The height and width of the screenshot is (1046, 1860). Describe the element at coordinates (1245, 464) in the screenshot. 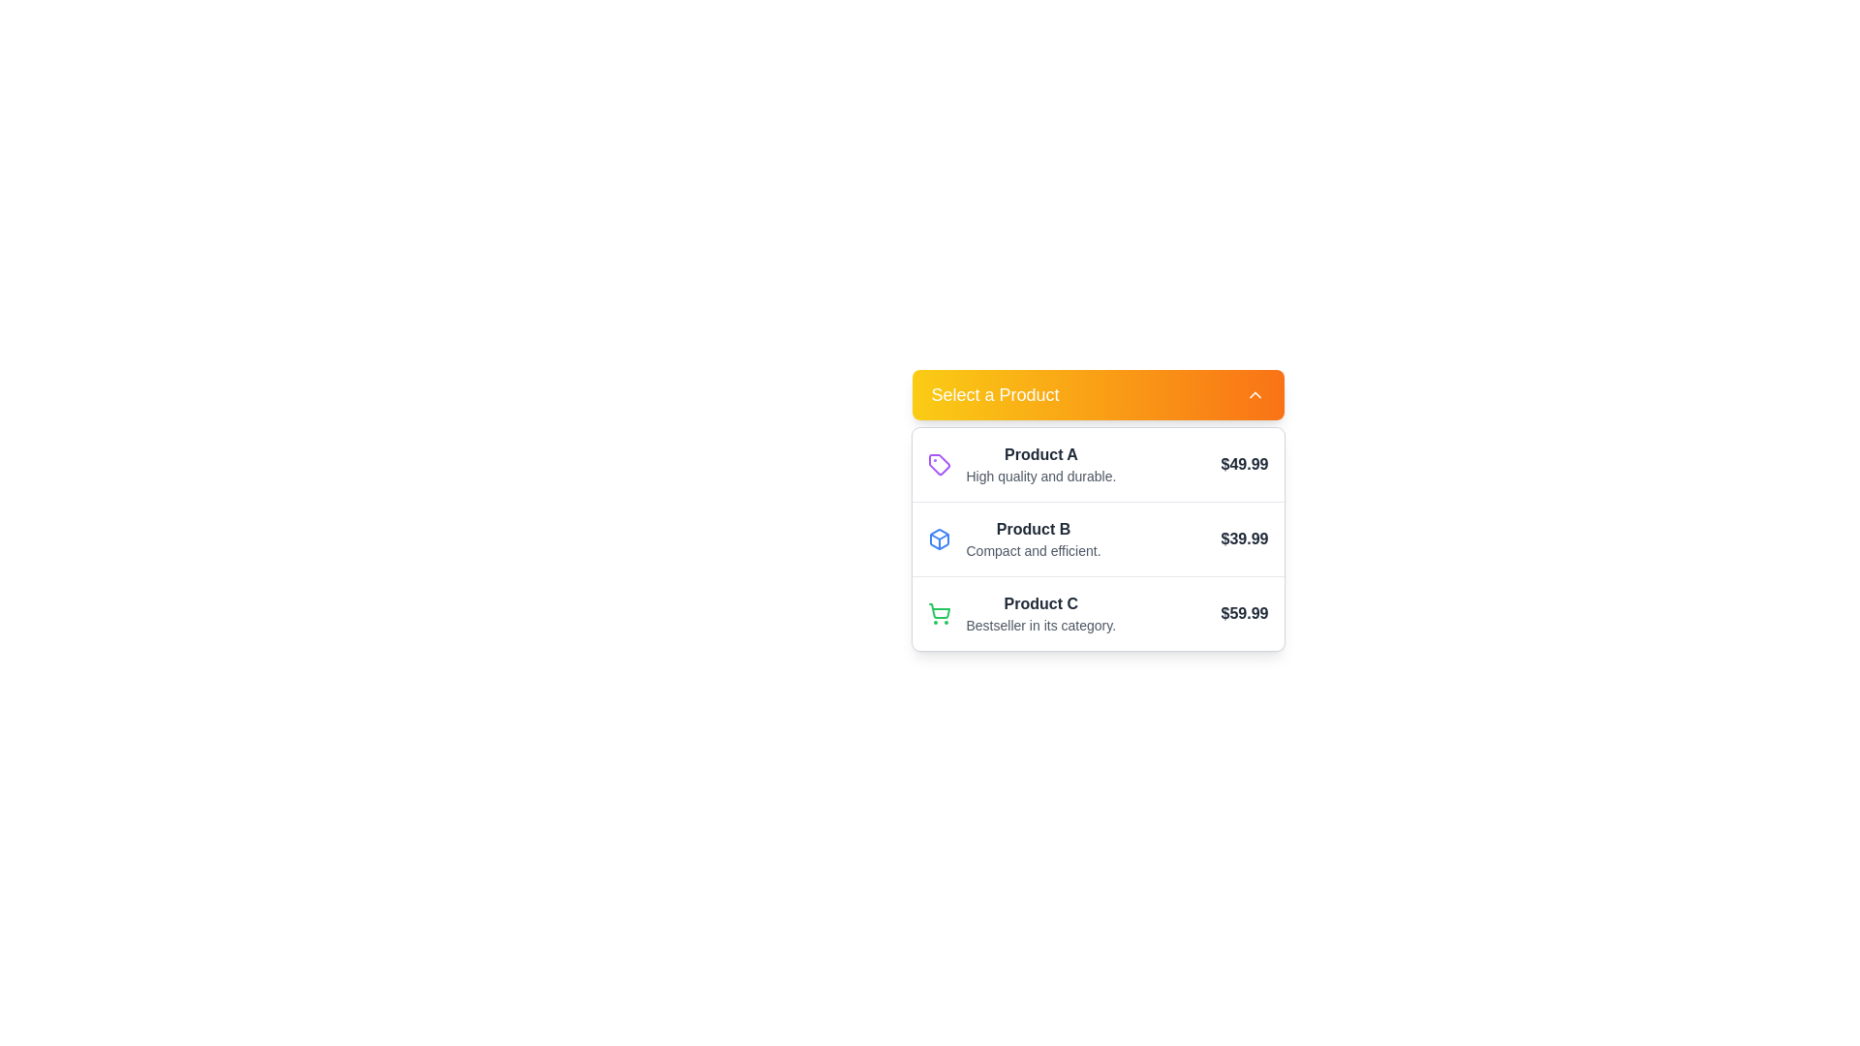

I see `the static text element displaying the price '$49.99' located at the rightmost side of the row associated with 'Product A'` at that location.